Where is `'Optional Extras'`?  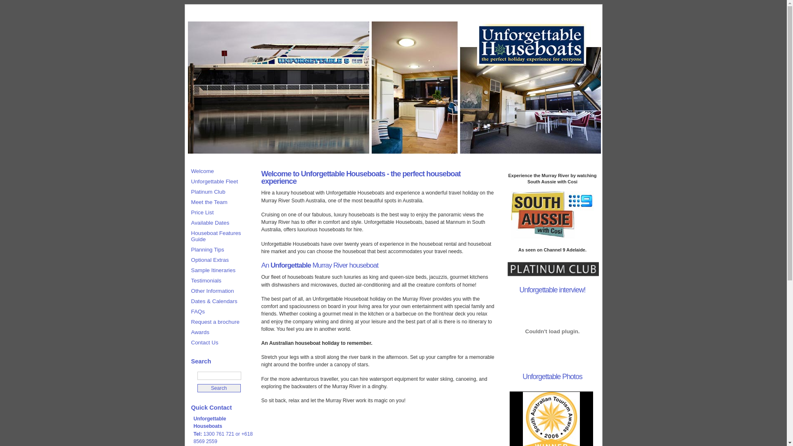
'Optional Extras' is located at coordinates (221, 259).